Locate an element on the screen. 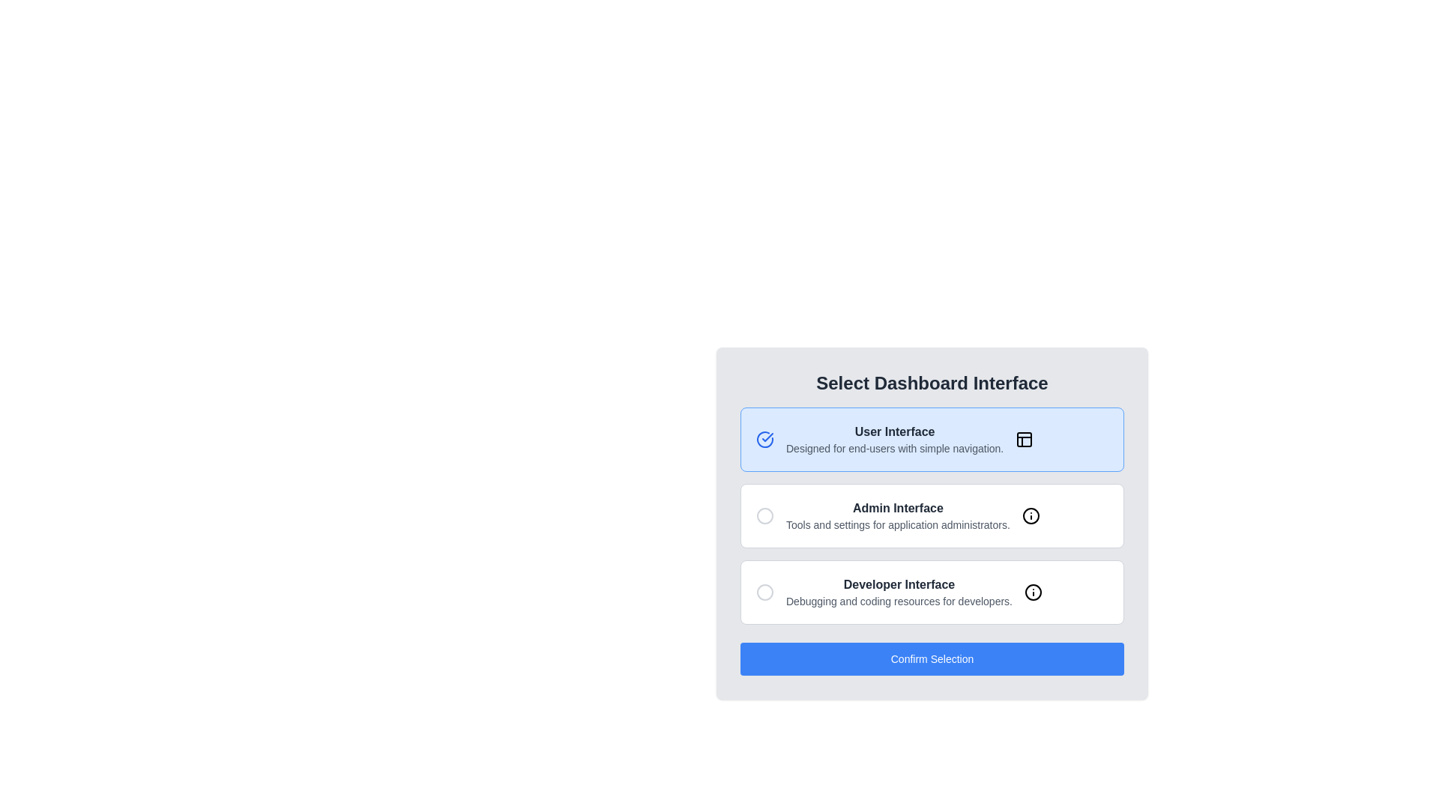 Image resolution: width=1439 pixels, height=809 pixels. the selection status of the blue circular icon with a checkmark, located within the blue-outlined rectangular section labeled 'User Interface' is located at coordinates (765, 438).